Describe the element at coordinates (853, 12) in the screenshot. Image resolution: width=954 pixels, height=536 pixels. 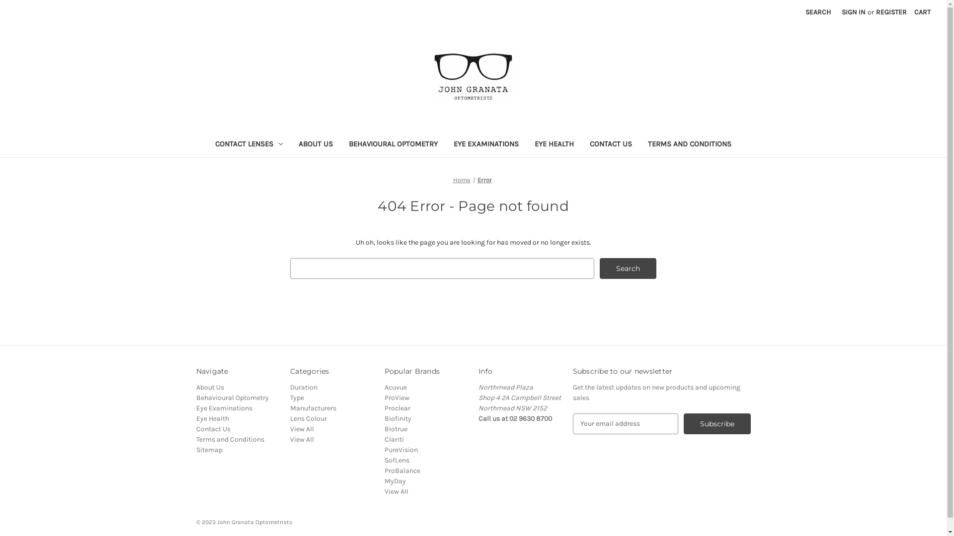
I see `'SIGN IN'` at that location.